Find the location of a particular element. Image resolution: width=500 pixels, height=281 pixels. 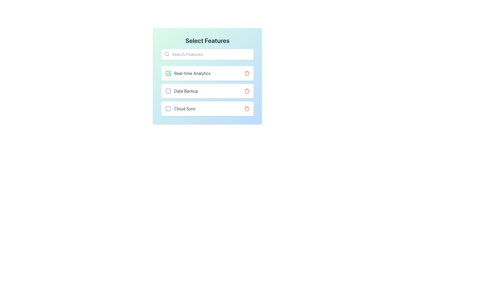

the checkbox of the third list item under the 'Select Features' section is located at coordinates (207, 108).